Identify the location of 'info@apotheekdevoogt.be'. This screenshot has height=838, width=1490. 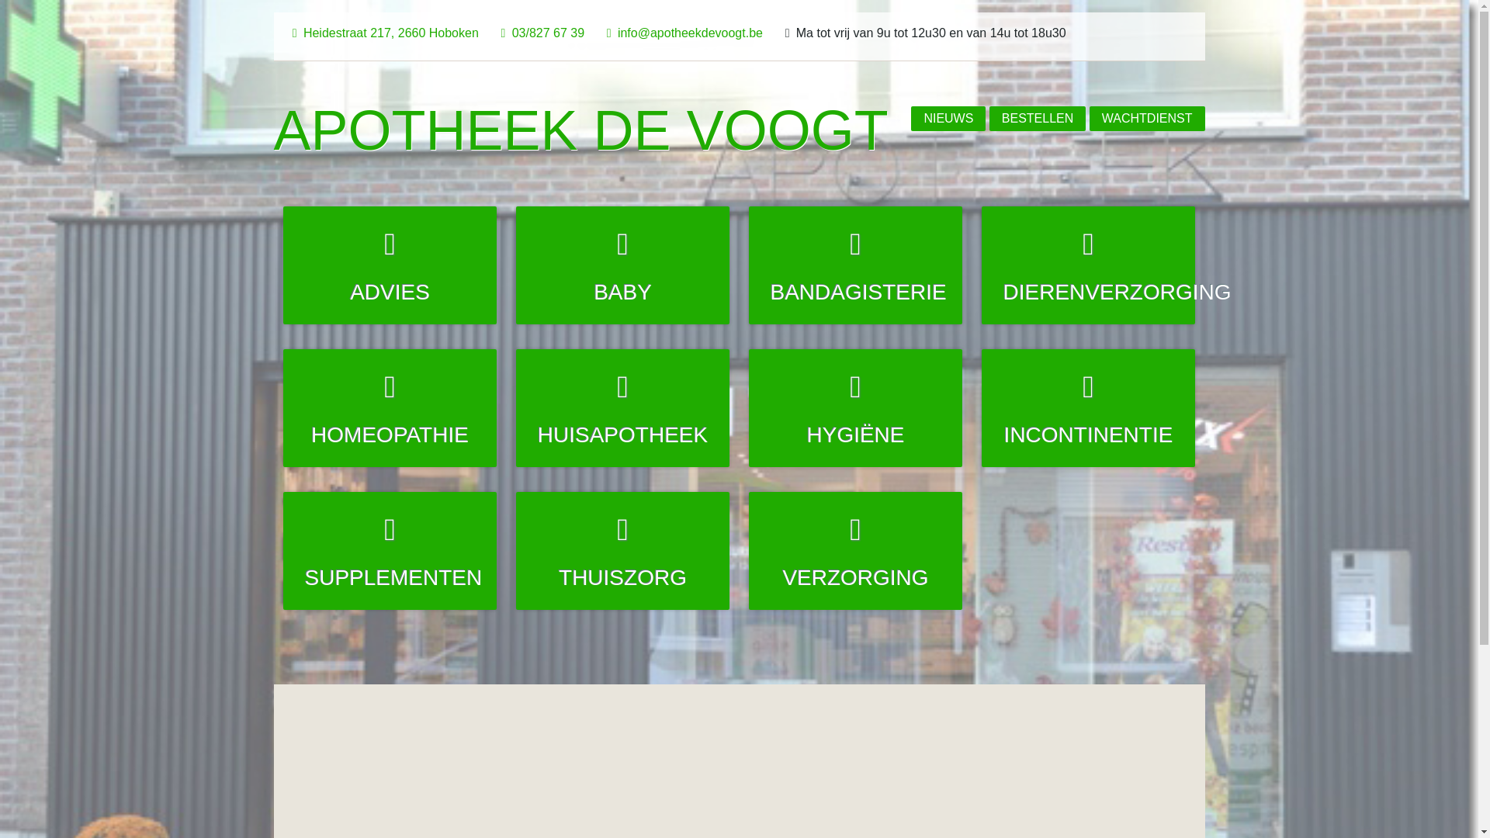
(681, 33).